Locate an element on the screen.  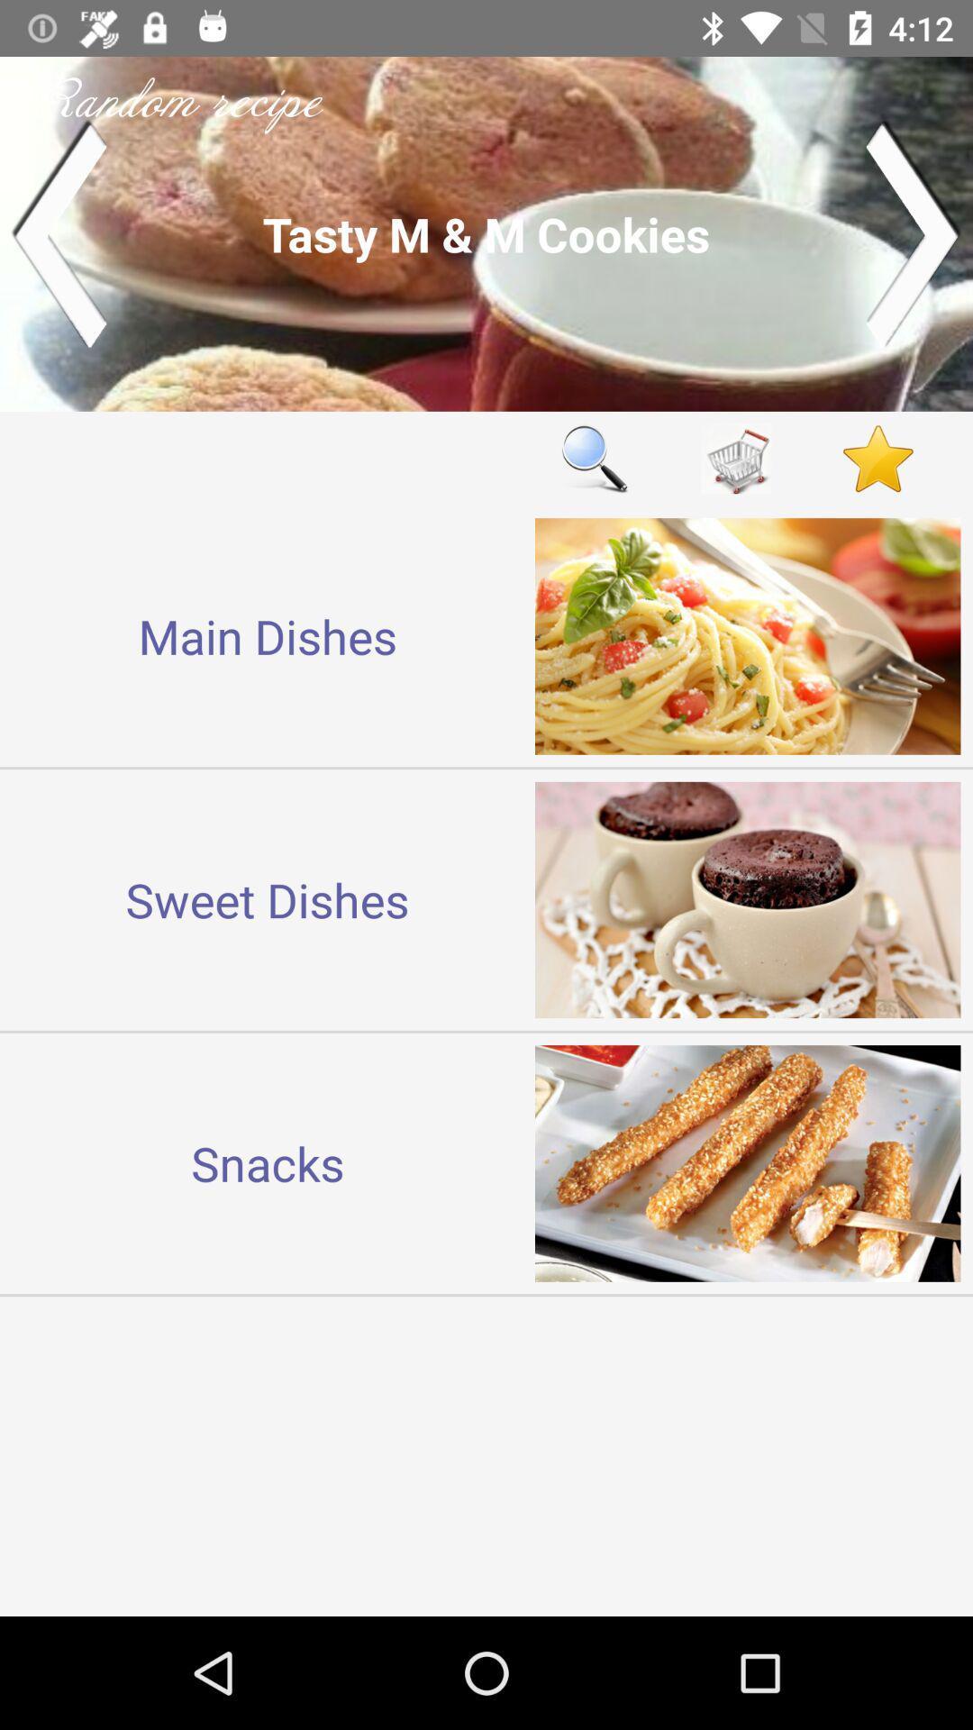
the arrow_backward icon is located at coordinates (58, 232).